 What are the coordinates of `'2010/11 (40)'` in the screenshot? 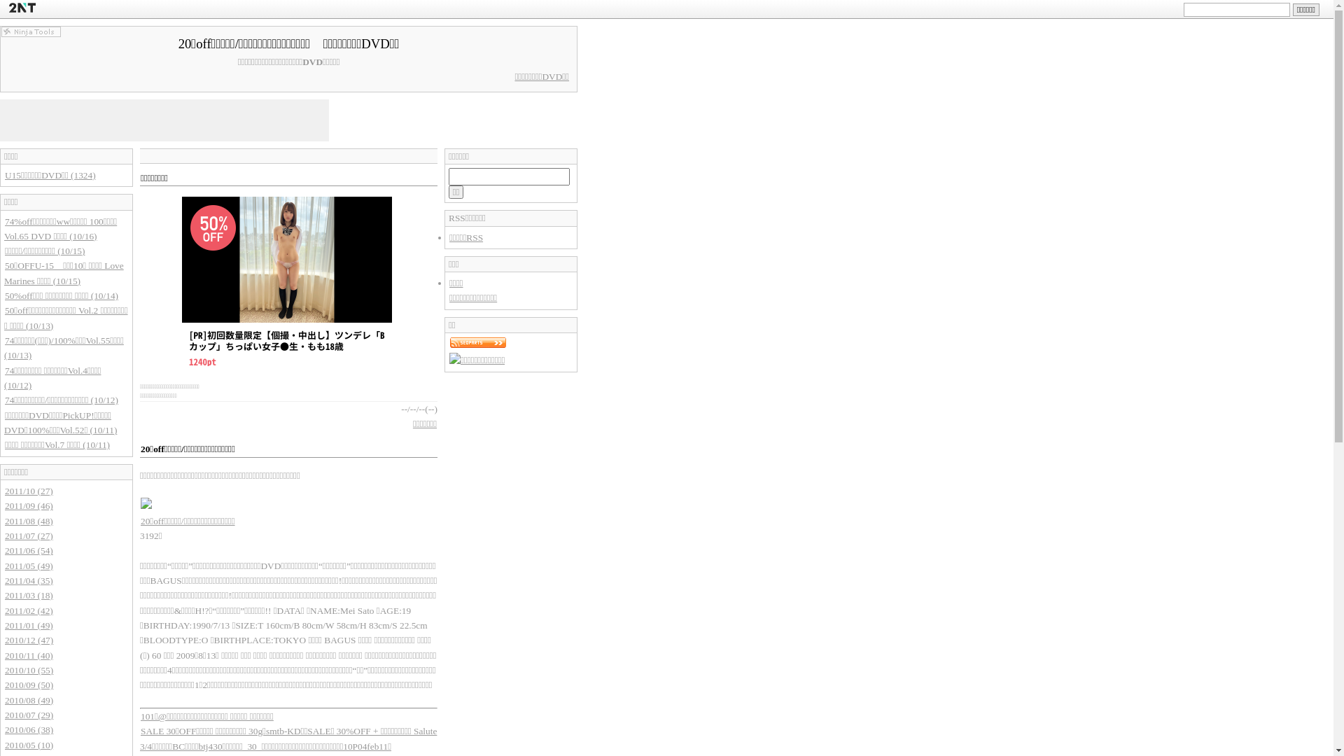 It's located at (29, 655).